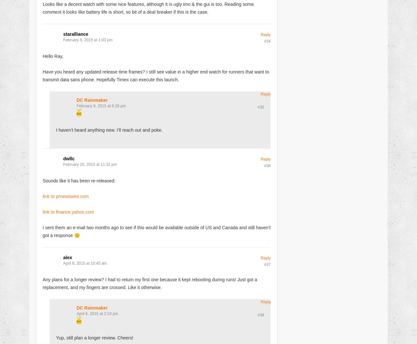  Describe the element at coordinates (156, 231) in the screenshot. I see `'I sent them an e-mail two months ago to see if this would be available outside of US and Canada and still haven’t got a response 🙁'` at that location.